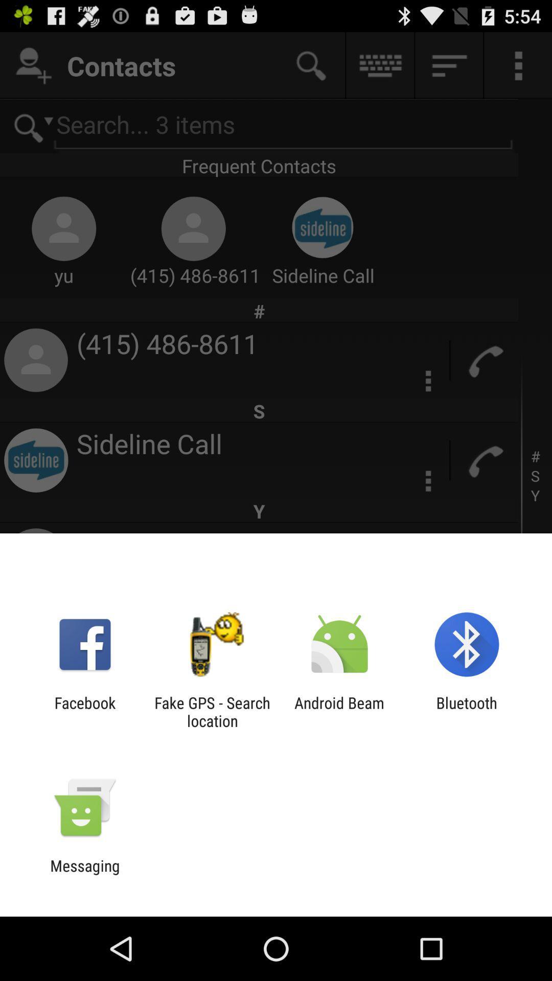  Describe the element at coordinates (84, 711) in the screenshot. I see `facebook item` at that location.